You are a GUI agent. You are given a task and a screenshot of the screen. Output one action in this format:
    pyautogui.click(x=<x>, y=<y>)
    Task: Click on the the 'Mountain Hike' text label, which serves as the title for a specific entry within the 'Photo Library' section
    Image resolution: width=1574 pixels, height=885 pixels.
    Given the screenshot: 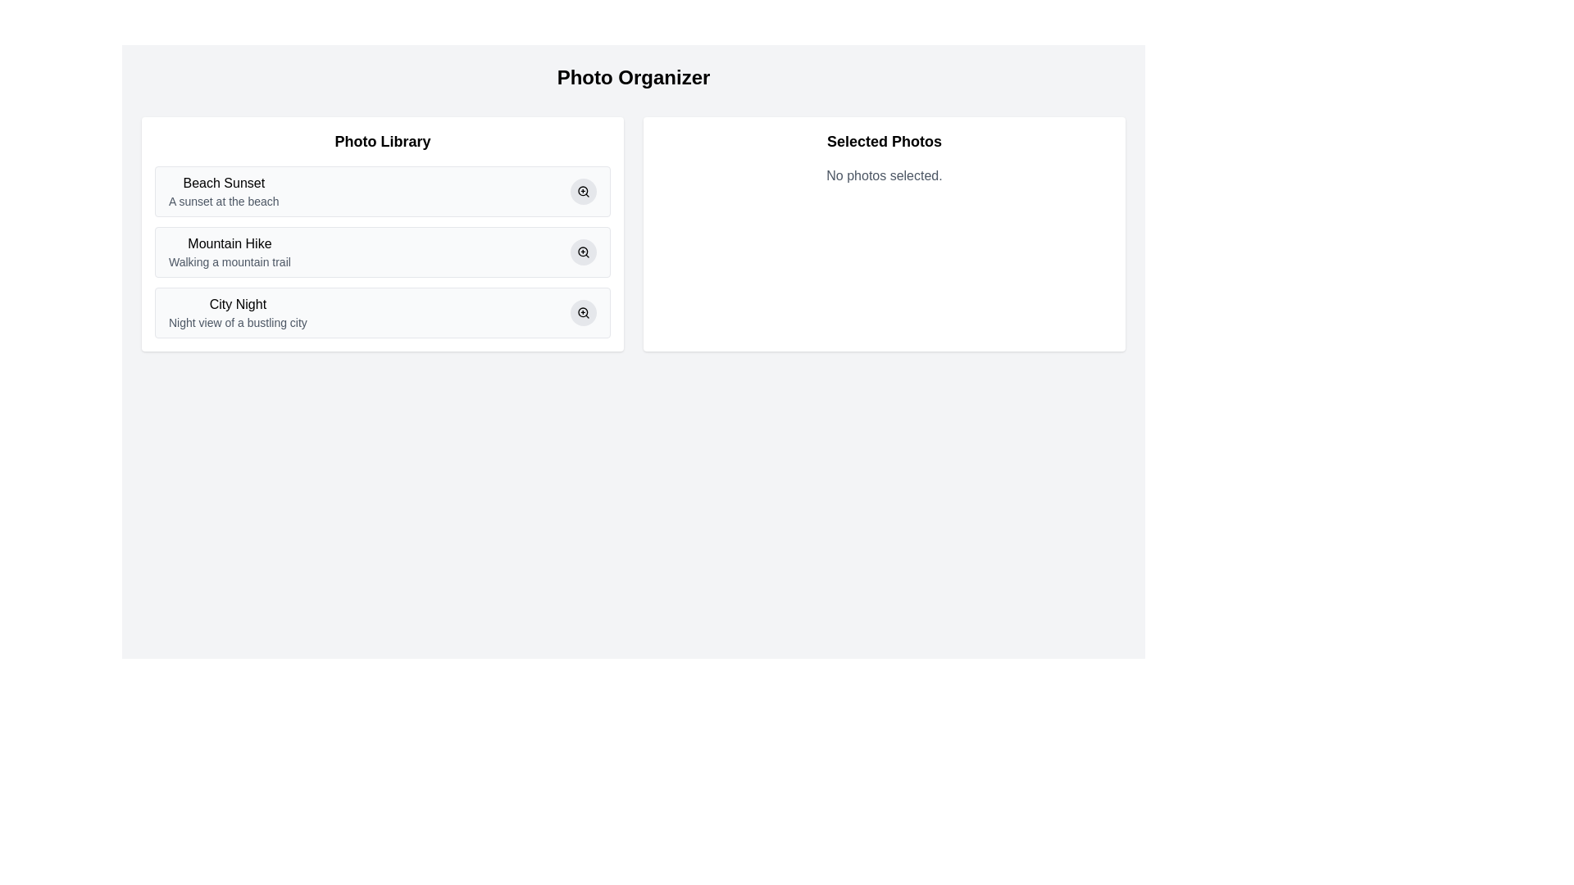 What is the action you would take?
    pyautogui.click(x=229, y=243)
    